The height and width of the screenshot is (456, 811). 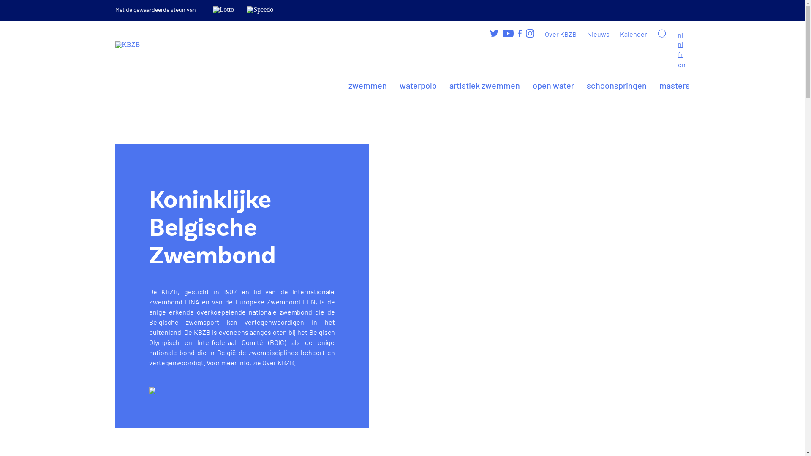 What do you see at coordinates (494, 32) in the screenshot?
I see `'Volg ons op Twitter'` at bounding box center [494, 32].